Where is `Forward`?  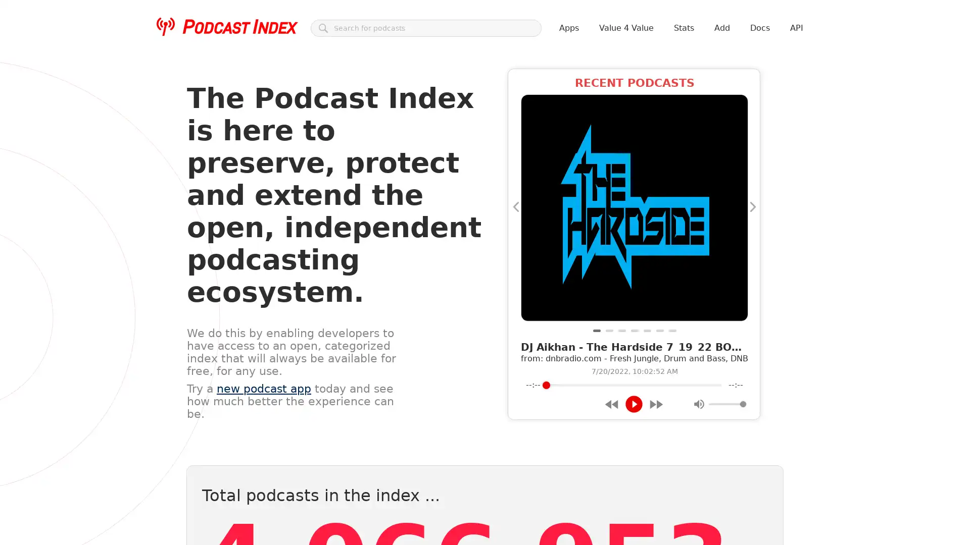
Forward is located at coordinates (656, 403).